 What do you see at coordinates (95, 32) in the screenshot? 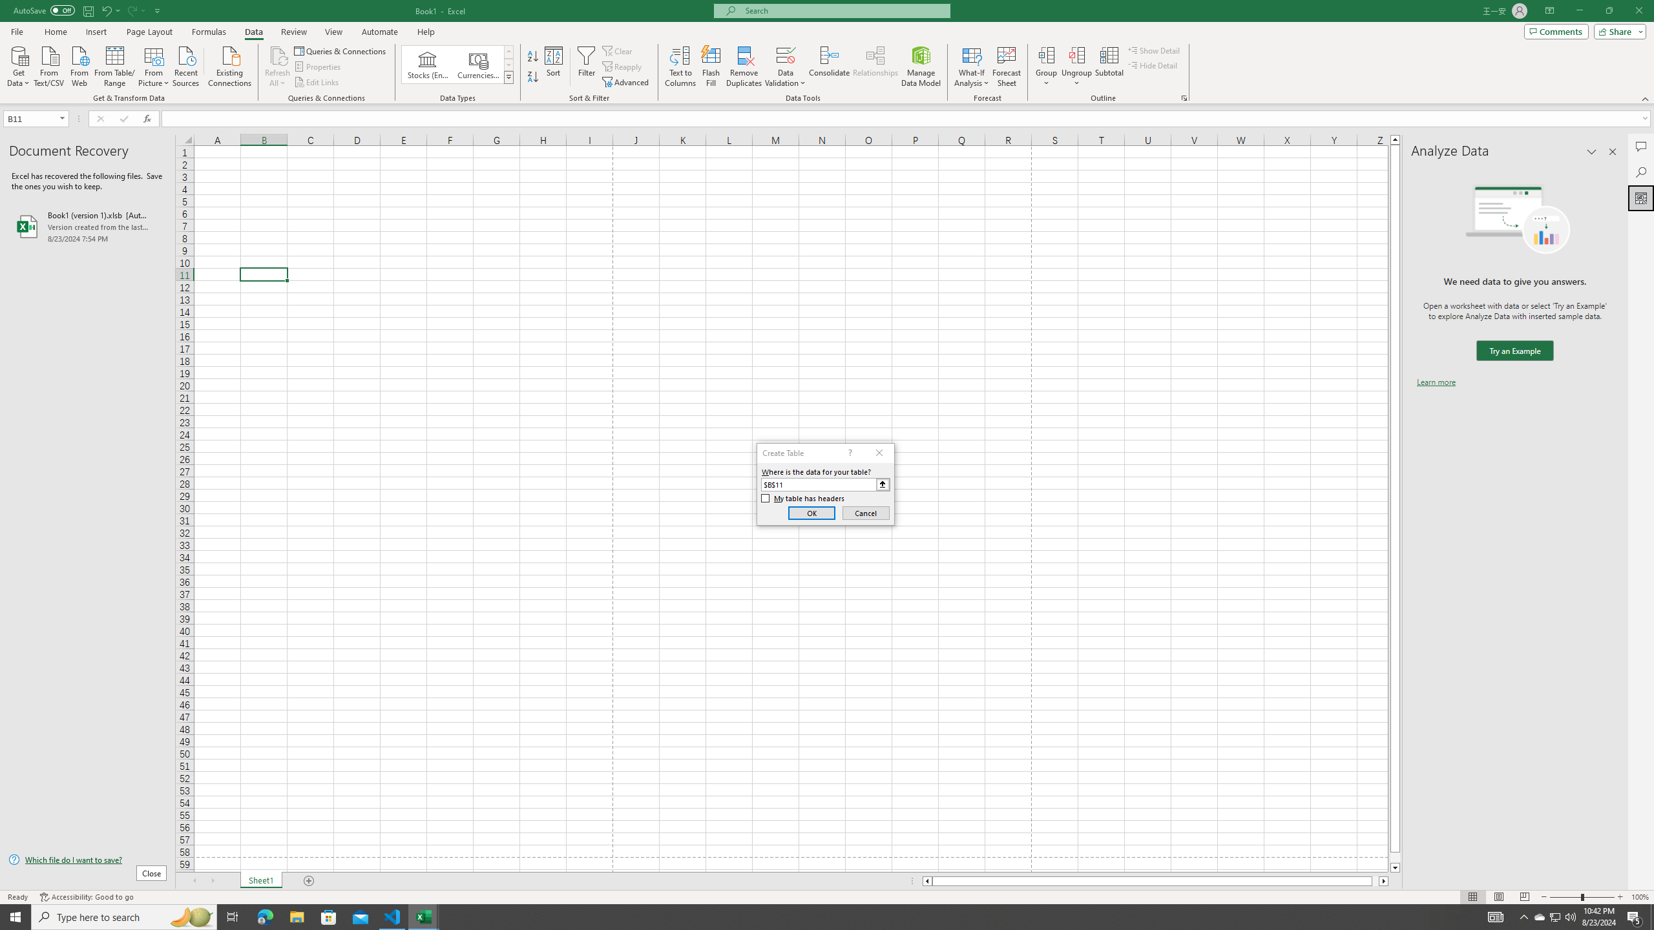
I see `'Insert'` at bounding box center [95, 32].